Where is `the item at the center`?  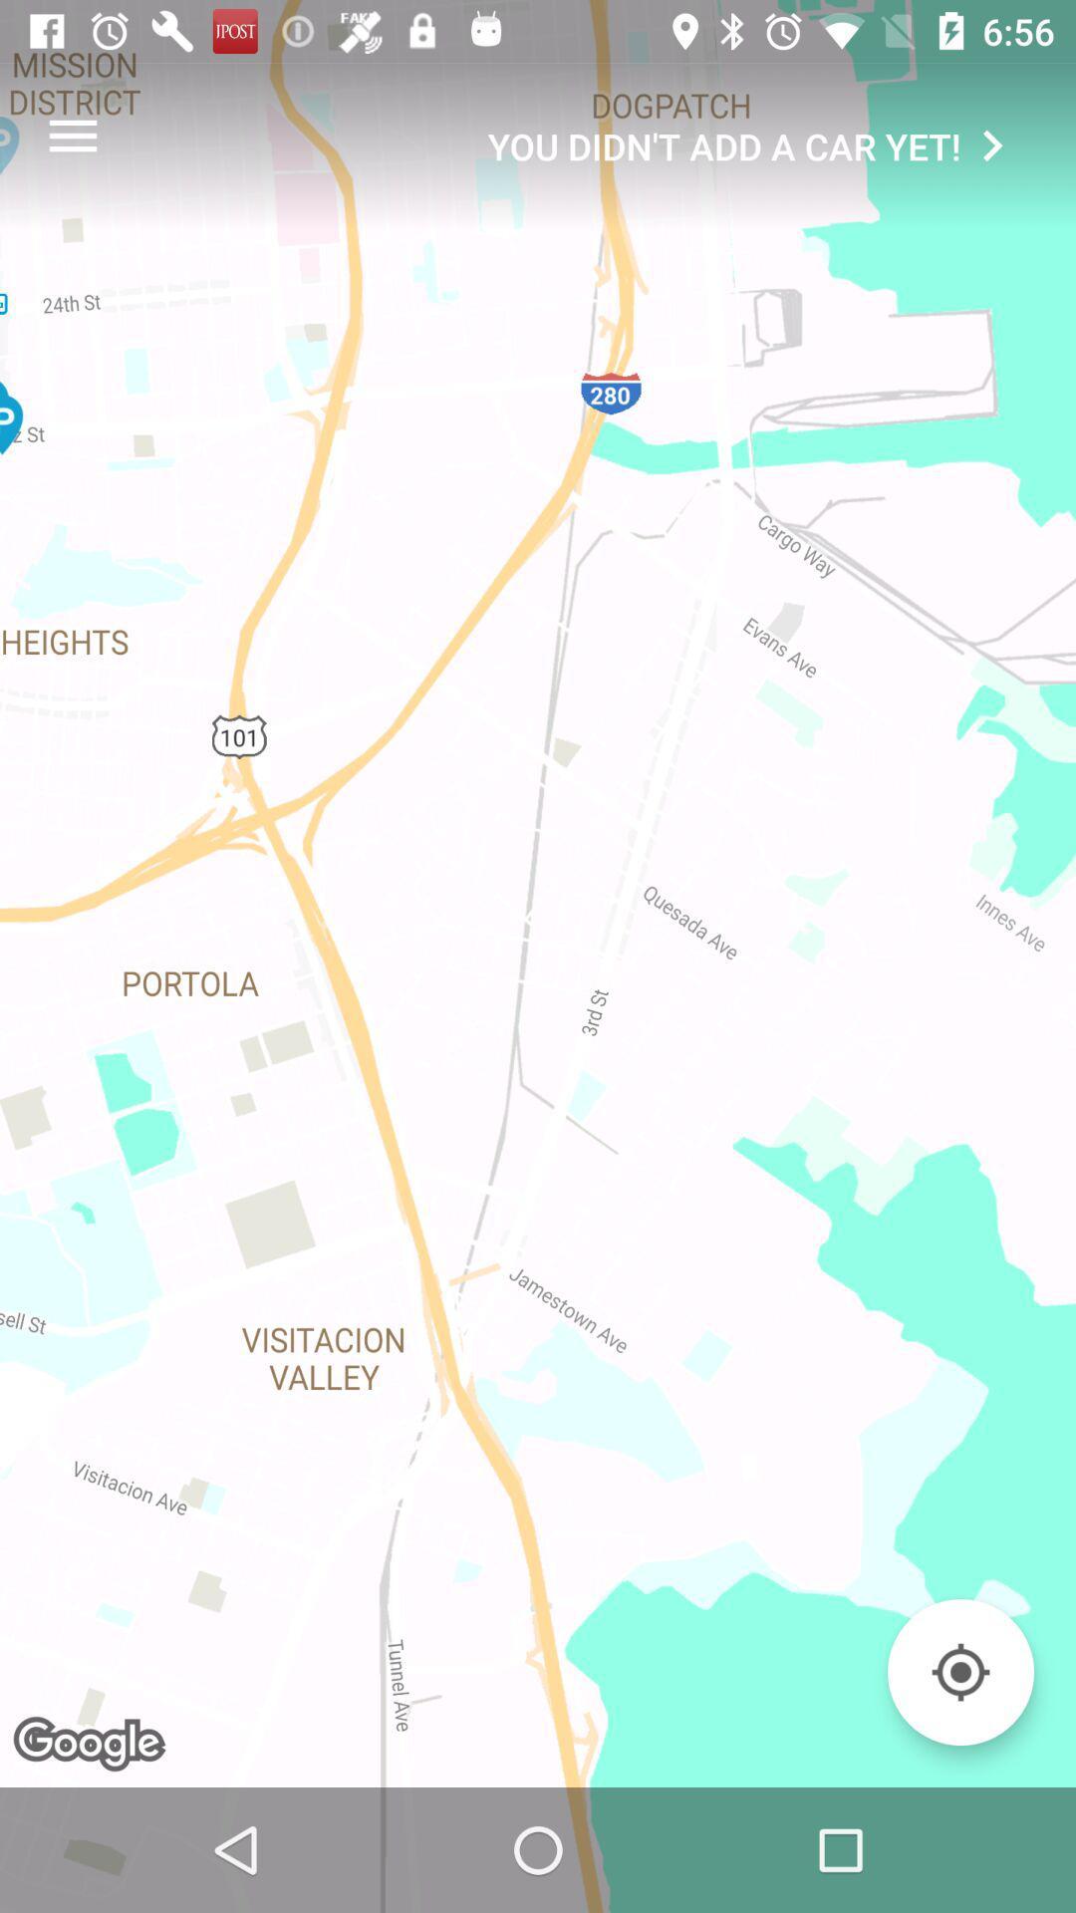
the item at the center is located at coordinates (538, 956).